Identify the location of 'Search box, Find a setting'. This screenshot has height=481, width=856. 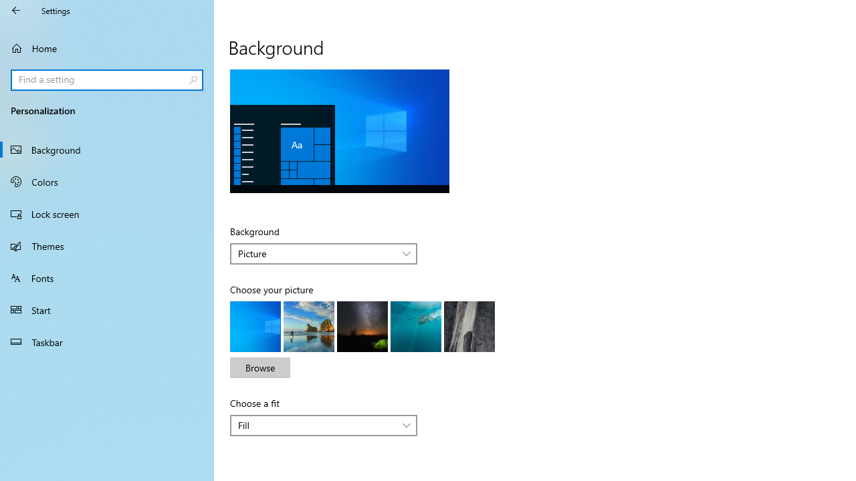
(107, 79).